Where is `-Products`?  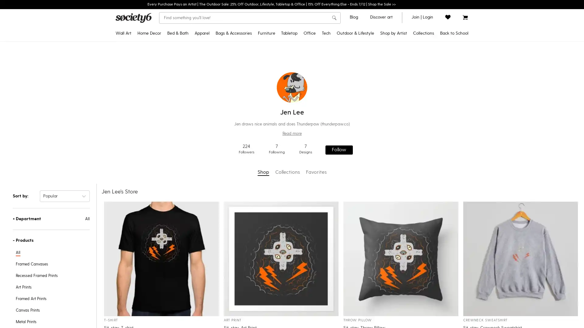 -Products is located at coordinates (51, 240).